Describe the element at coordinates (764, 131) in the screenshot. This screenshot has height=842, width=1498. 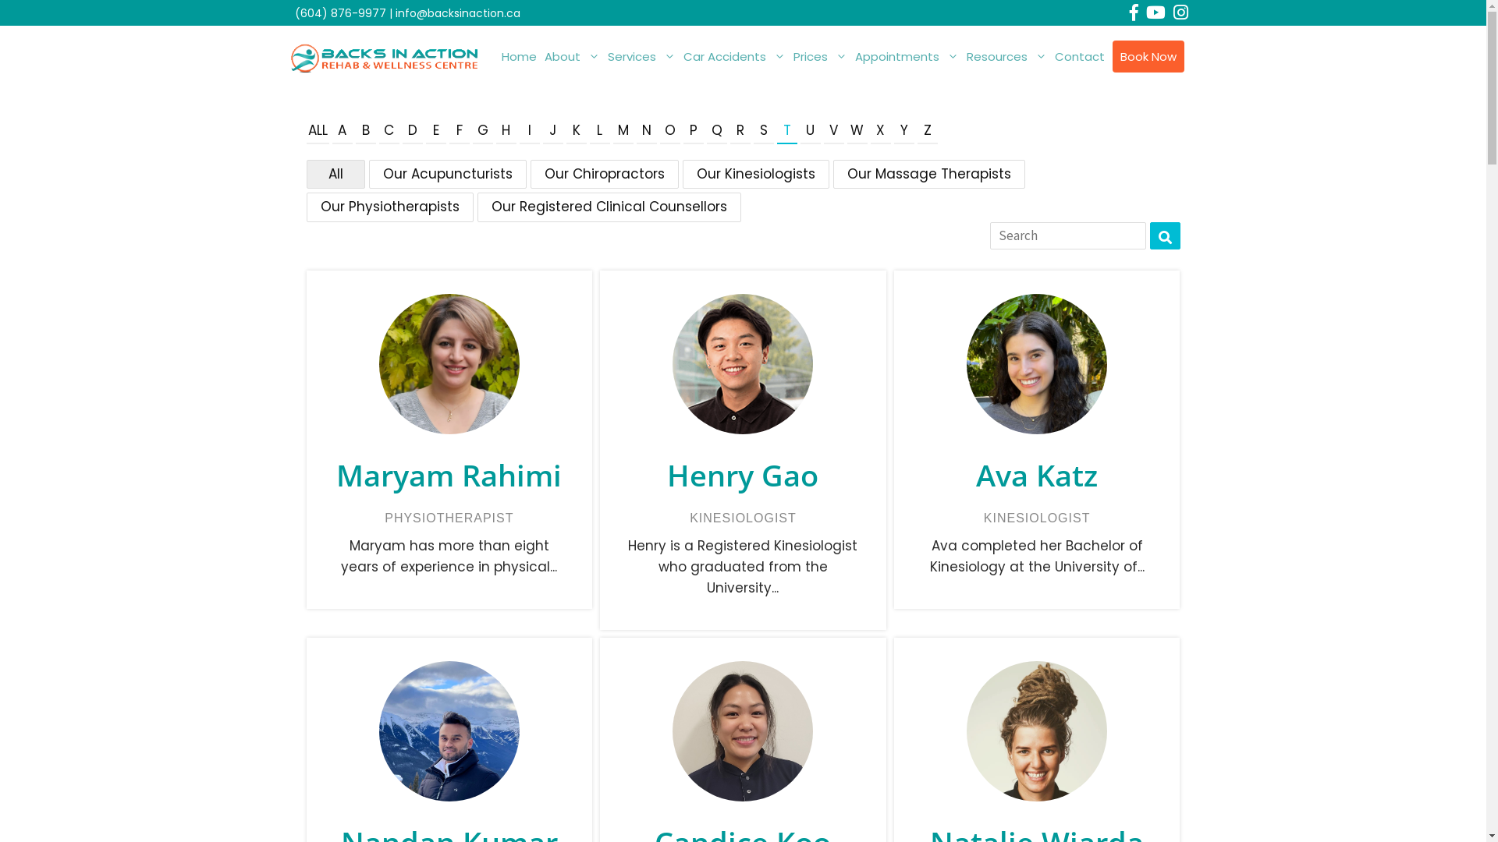
I see `'S'` at that location.